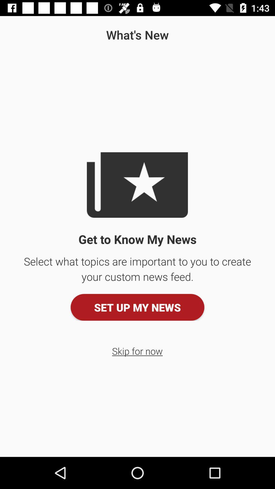  I want to click on the skip for now app, so click(137, 351).